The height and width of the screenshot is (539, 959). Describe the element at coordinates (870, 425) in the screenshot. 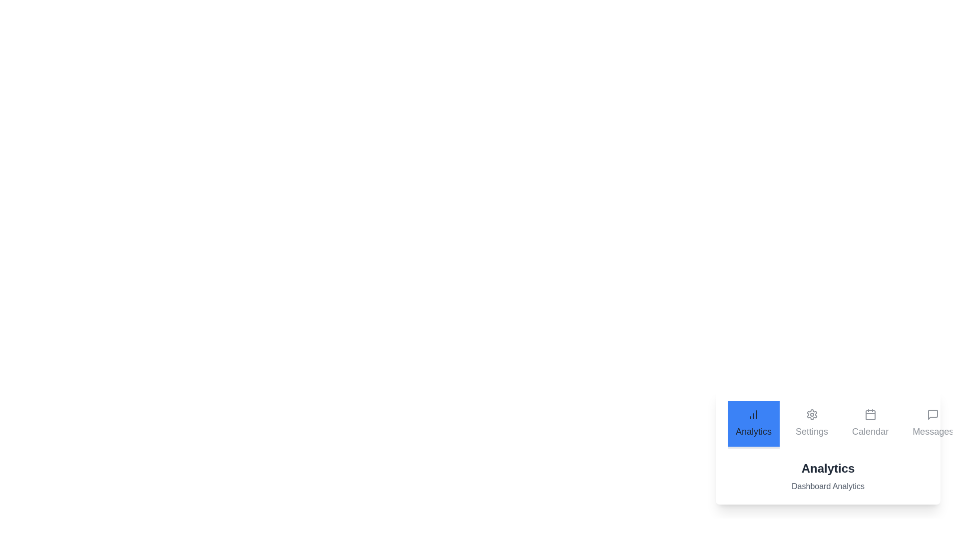

I see `the Calendar tab to observe its content` at that location.